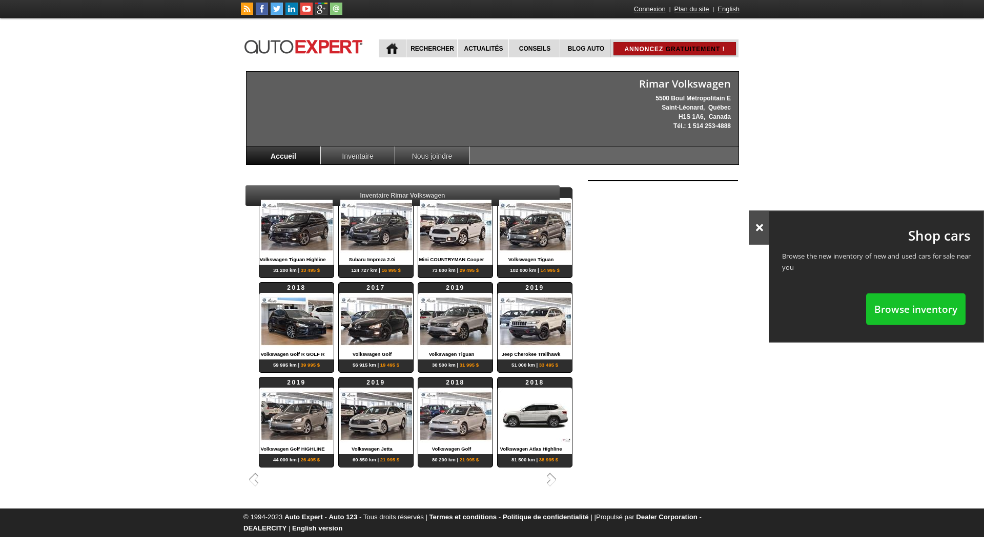  Describe the element at coordinates (303, 517) in the screenshot. I see `'Auto Expert'` at that location.